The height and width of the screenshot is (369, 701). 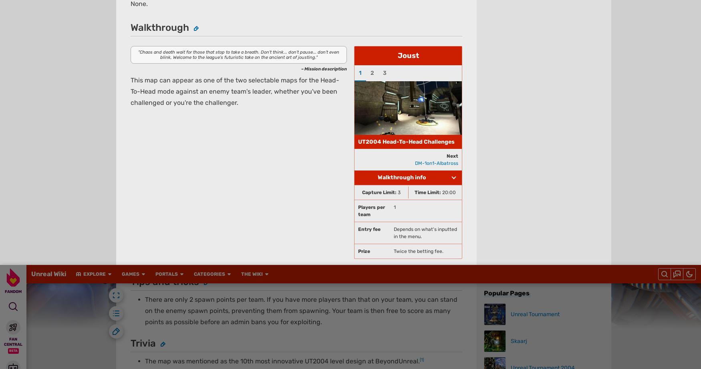 What do you see at coordinates (363, 100) in the screenshot?
I see `'View Mobile Site'` at bounding box center [363, 100].